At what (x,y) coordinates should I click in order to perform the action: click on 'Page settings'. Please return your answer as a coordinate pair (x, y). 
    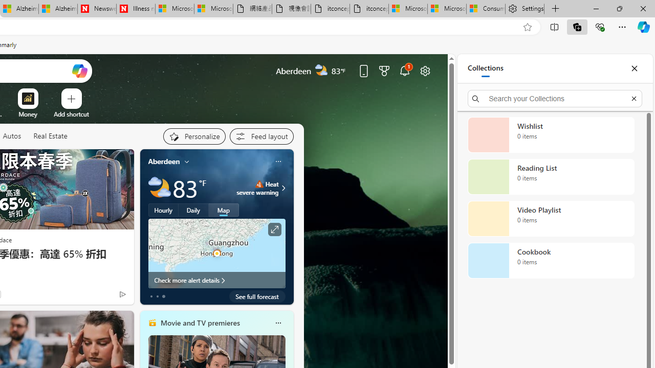
    Looking at the image, I should click on (425, 70).